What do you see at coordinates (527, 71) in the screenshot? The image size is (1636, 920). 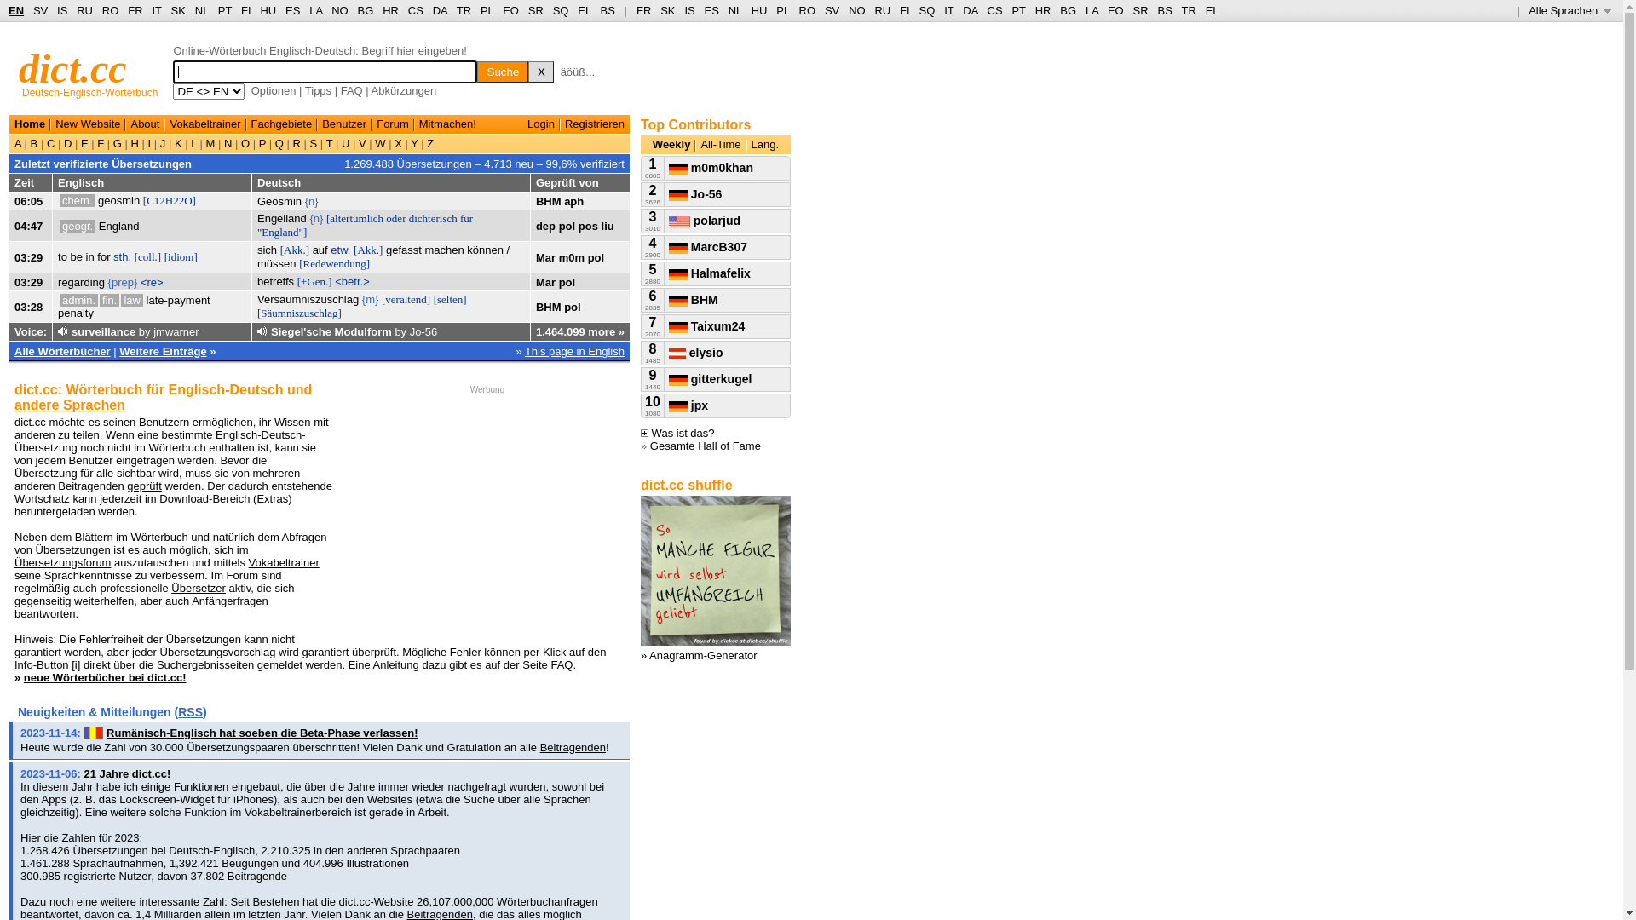 I see `'X'` at bounding box center [527, 71].